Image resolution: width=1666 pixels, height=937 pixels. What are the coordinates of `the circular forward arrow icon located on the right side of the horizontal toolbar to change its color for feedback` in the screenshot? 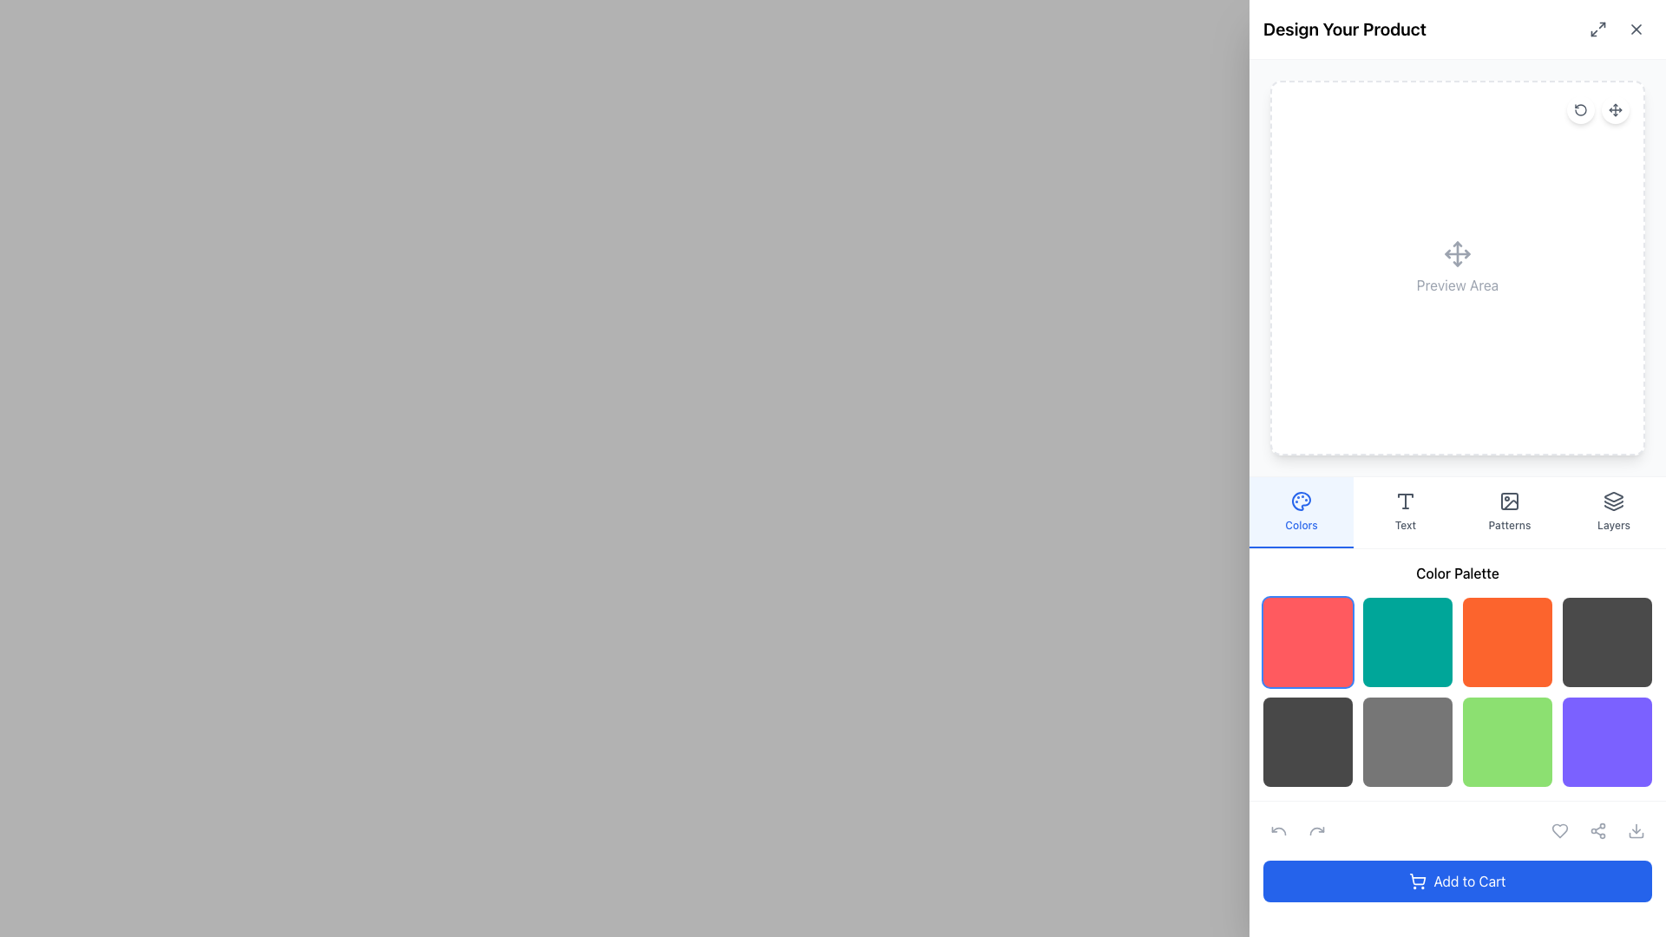 It's located at (1316, 829).